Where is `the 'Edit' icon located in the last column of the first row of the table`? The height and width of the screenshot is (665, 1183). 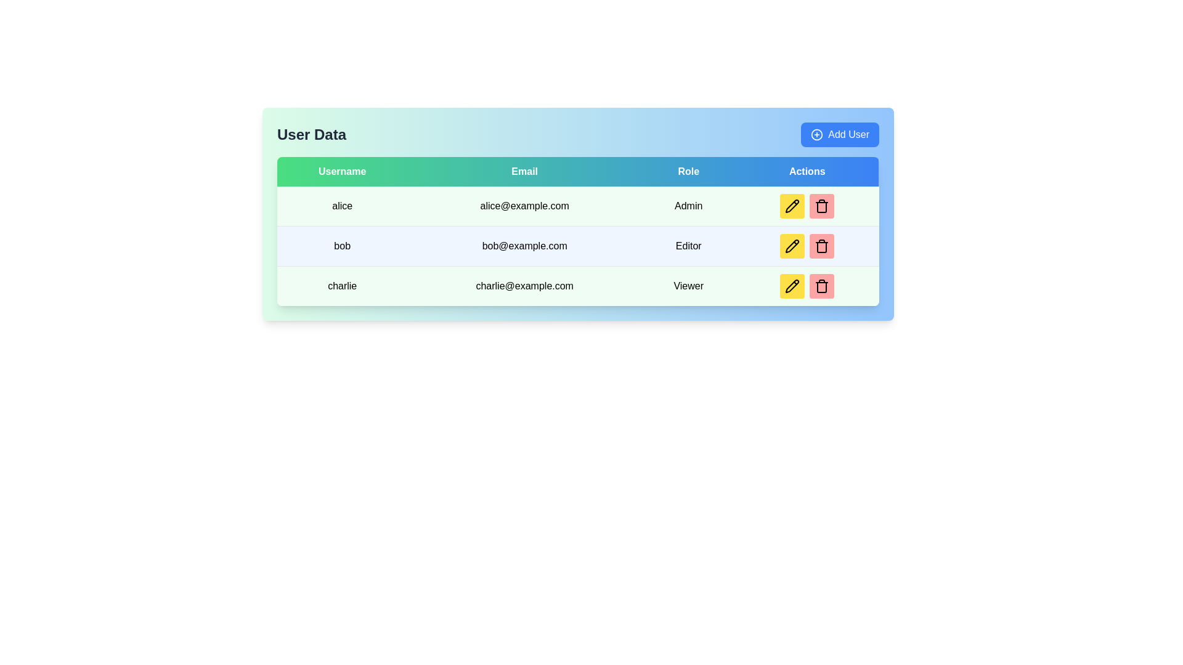 the 'Edit' icon located in the last column of the first row of the table is located at coordinates (792, 206).